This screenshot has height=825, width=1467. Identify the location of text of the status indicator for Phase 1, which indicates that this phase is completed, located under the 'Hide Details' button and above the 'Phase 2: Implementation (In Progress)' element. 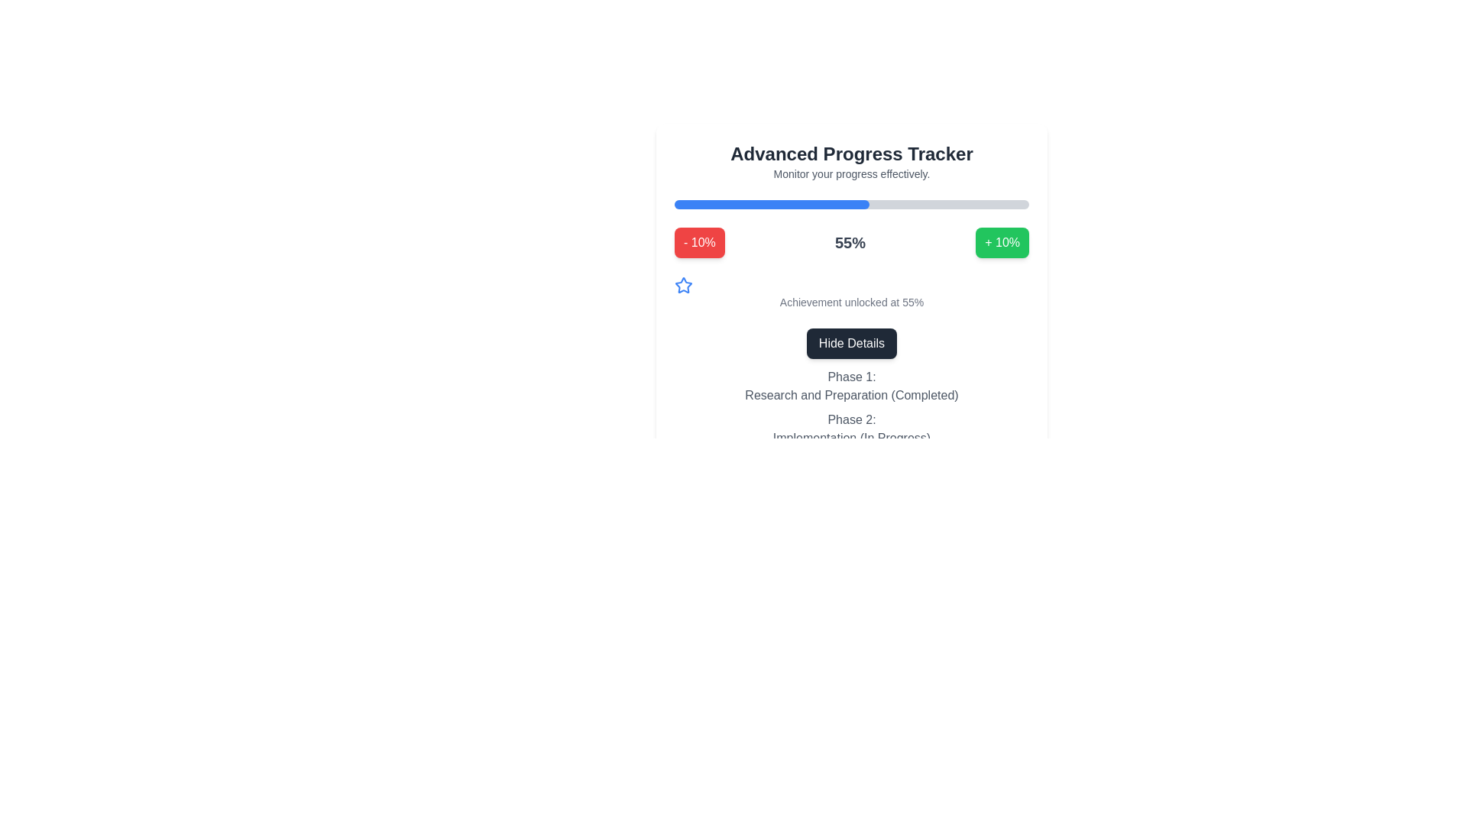
(850, 385).